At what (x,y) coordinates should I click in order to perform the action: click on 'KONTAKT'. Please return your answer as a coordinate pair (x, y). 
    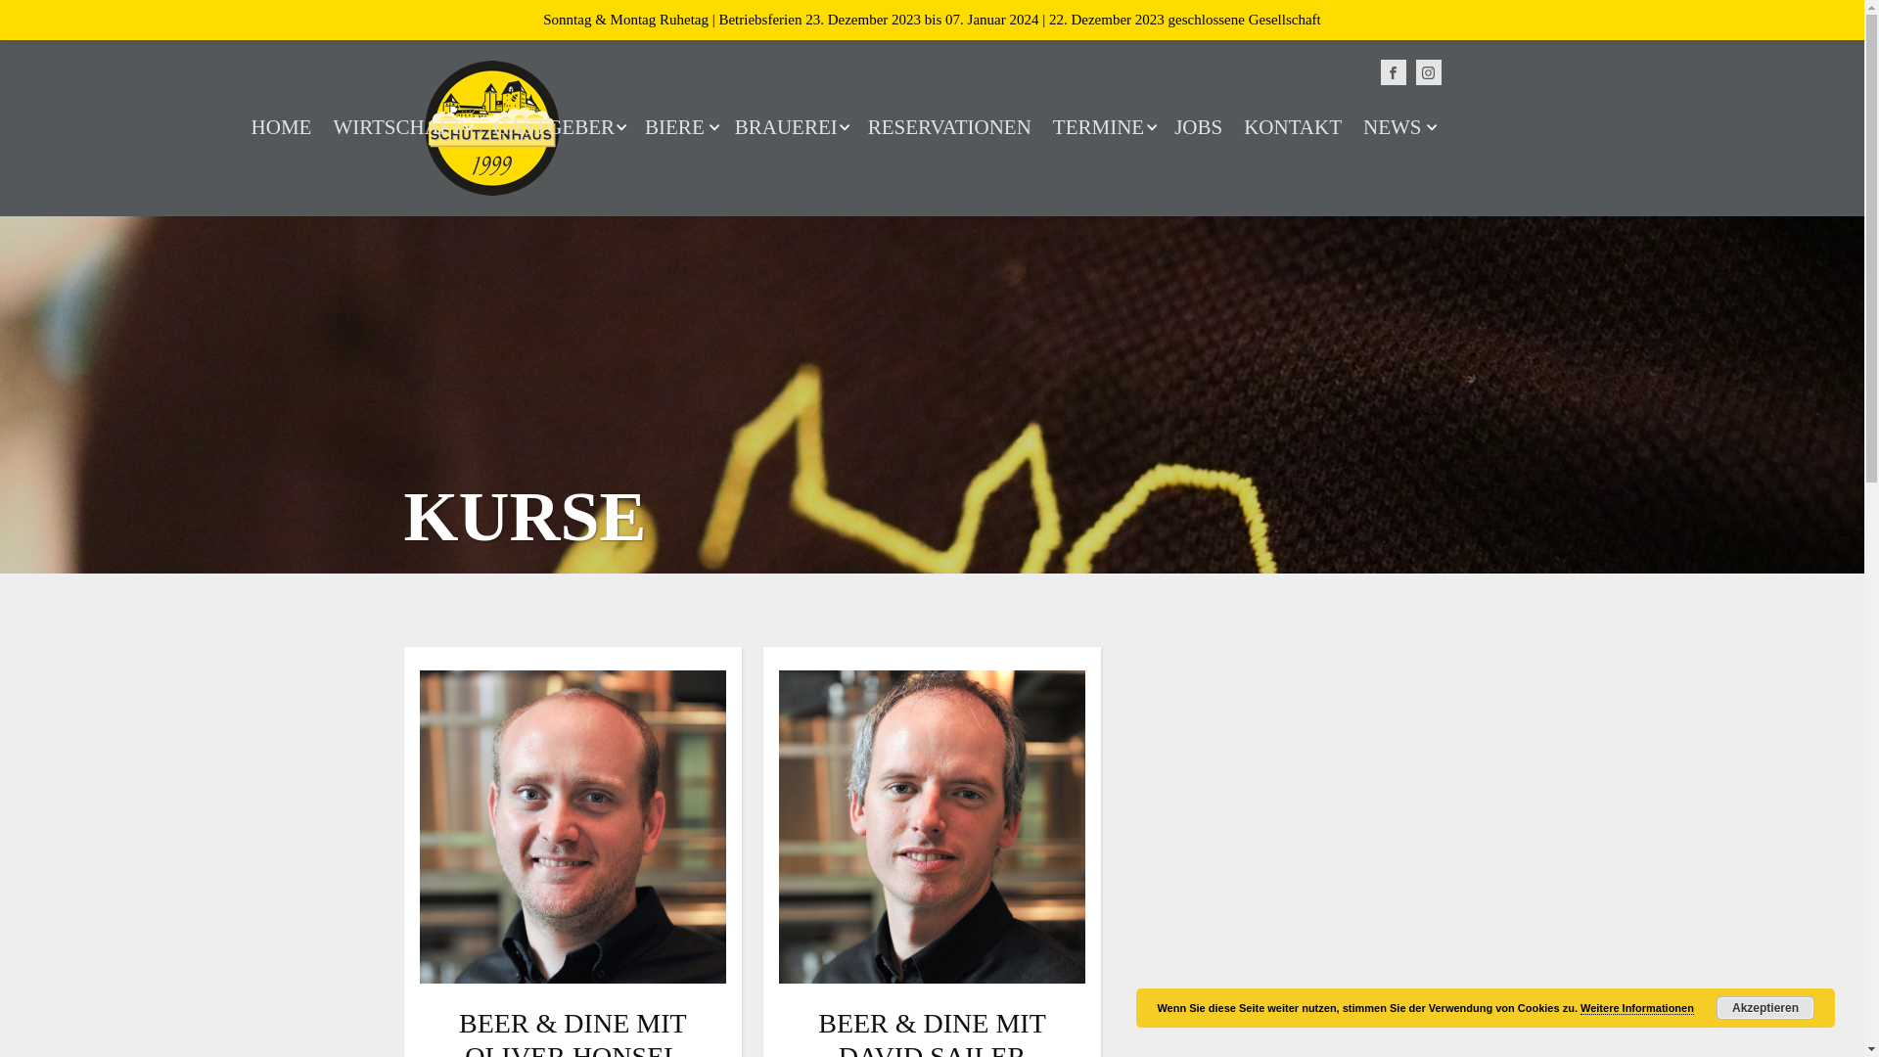
    Looking at the image, I should click on (1292, 128).